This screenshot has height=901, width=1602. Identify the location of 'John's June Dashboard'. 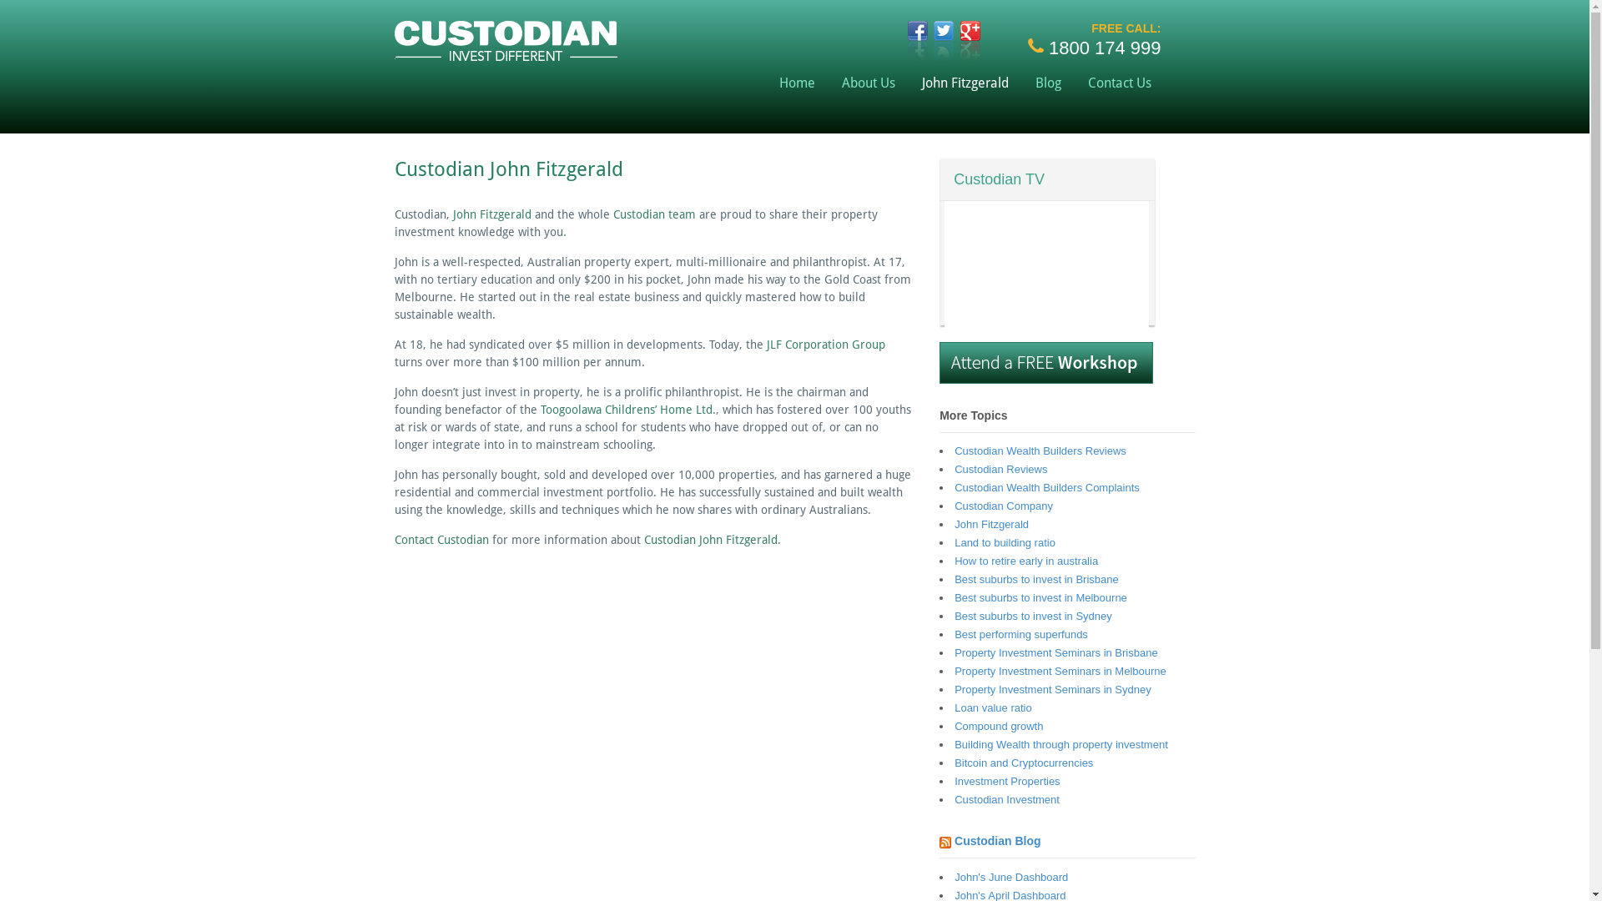
(954, 876).